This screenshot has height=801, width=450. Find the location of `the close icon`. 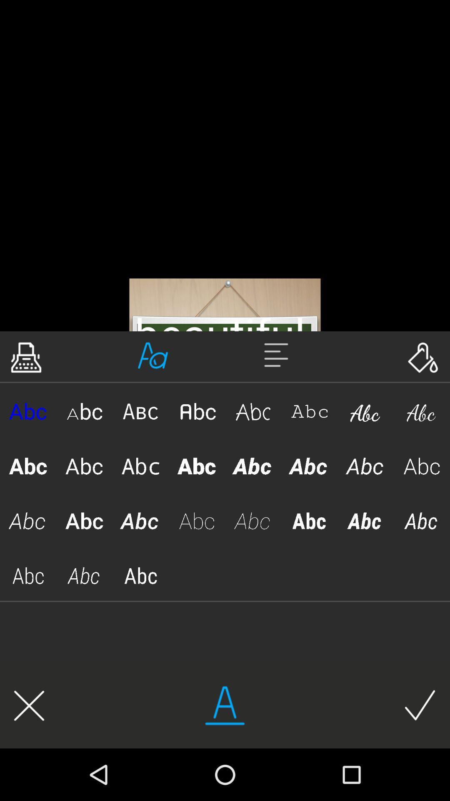

the close icon is located at coordinates (29, 705).